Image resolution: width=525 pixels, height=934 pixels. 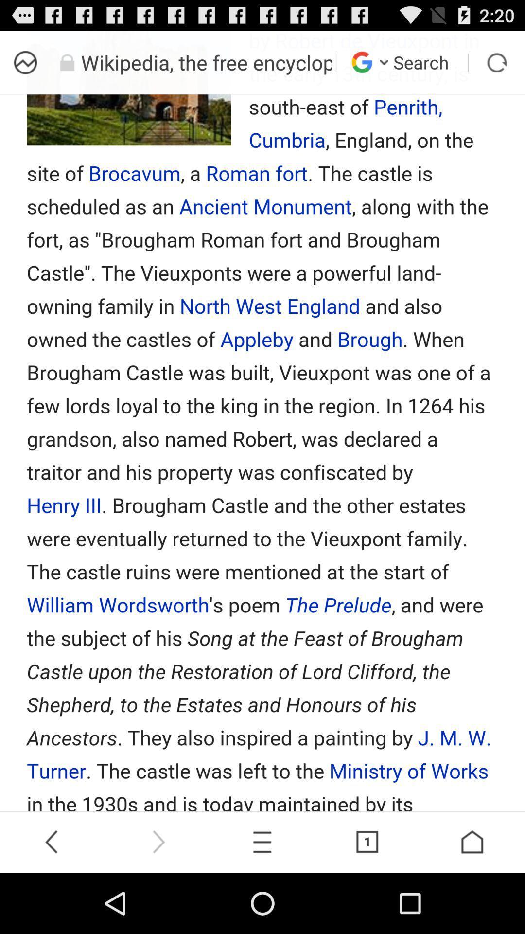 I want to click on the home icon, so click(x=472, y=900).